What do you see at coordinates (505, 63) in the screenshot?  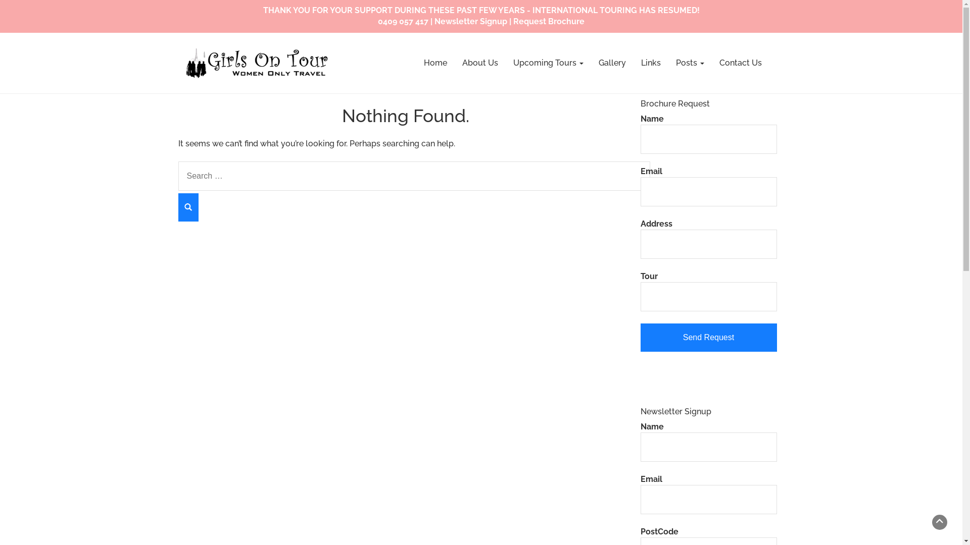 I see `'Upcoming Tours'` at bounding box center [505, 63].